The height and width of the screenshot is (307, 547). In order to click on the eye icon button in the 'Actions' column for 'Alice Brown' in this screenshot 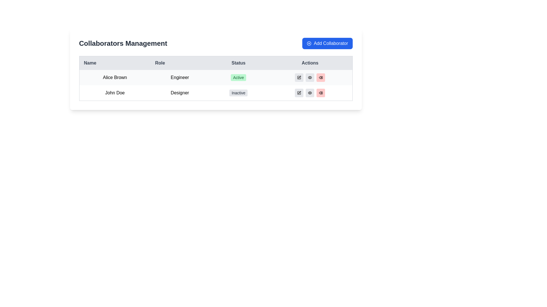, I will do `click(310, 78)`.